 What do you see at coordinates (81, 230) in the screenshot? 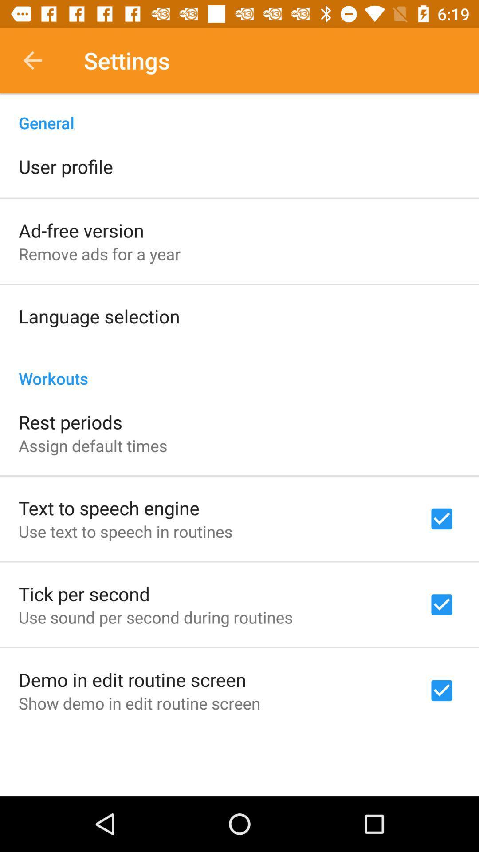
I see `the ad-free version icon` at bounding box center [81, 230].